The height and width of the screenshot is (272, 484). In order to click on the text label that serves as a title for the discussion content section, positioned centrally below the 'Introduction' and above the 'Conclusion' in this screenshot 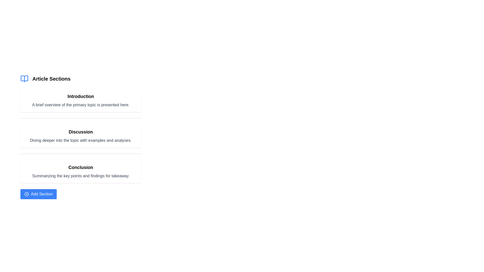, I will do `click(81, 132)`.